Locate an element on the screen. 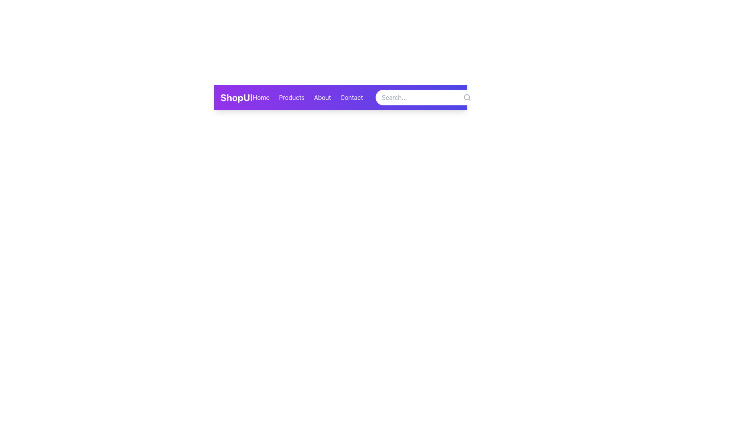 This screenshot has height=423, width=752. the second clickable link in the horizontal navigation menu, located between the 'Home' and 'About' links, to activate the hover color effect is located at coordinates (291, 97).